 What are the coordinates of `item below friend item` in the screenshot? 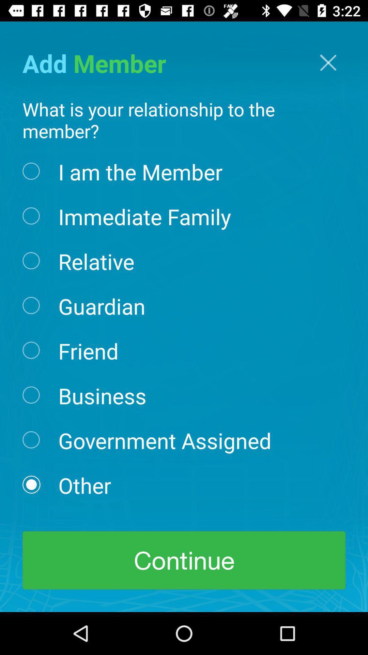 It's located at (102, 395).